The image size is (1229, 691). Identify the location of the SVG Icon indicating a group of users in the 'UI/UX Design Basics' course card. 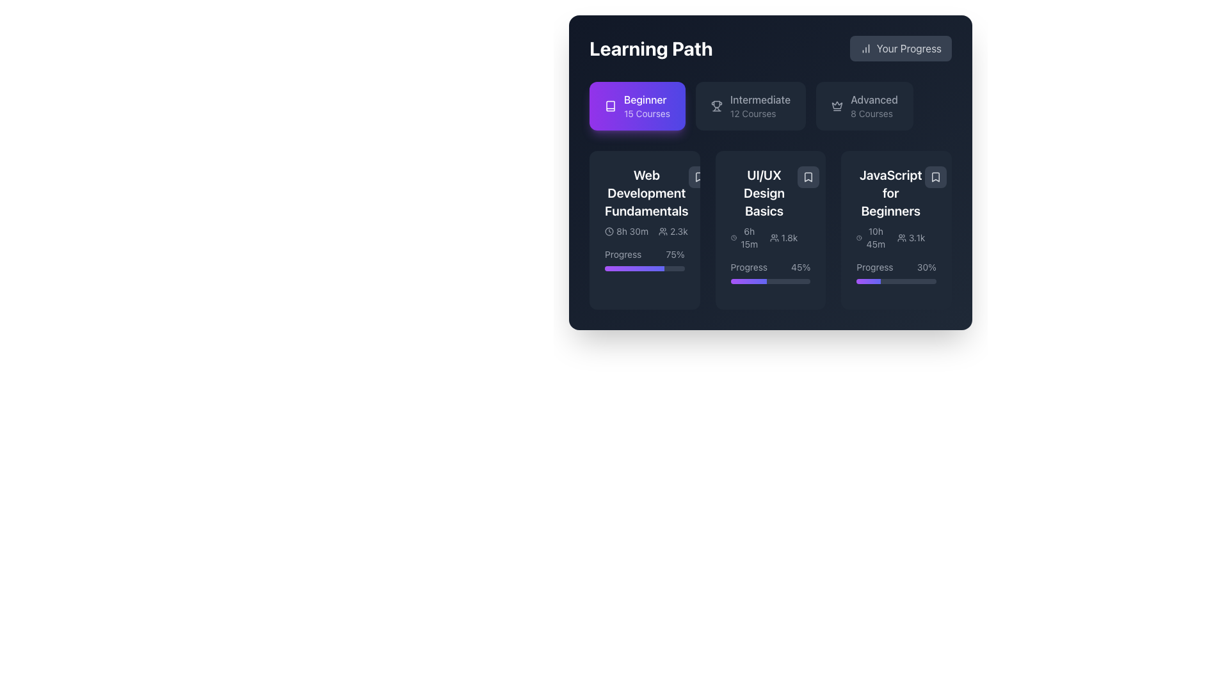
(773, 237).